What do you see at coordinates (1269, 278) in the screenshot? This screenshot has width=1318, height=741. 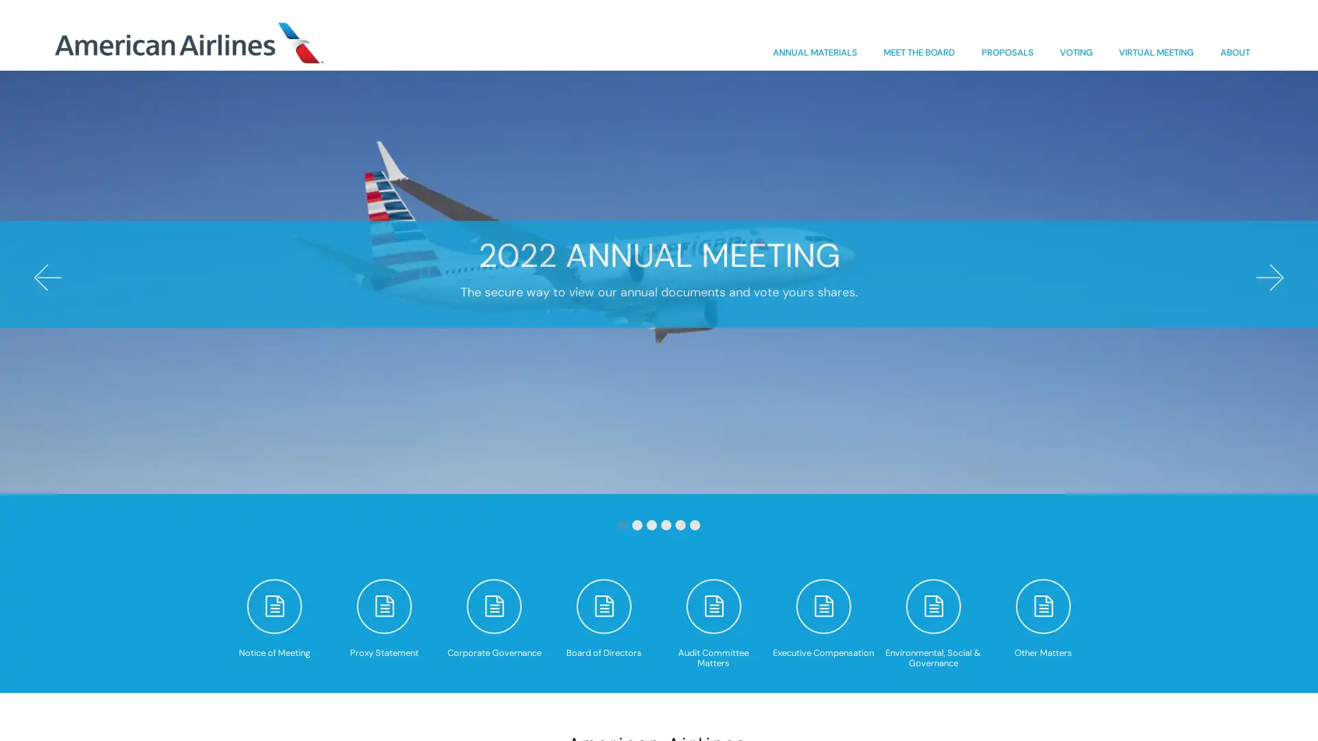 I see `Next` at bounding box center [1269, 278].